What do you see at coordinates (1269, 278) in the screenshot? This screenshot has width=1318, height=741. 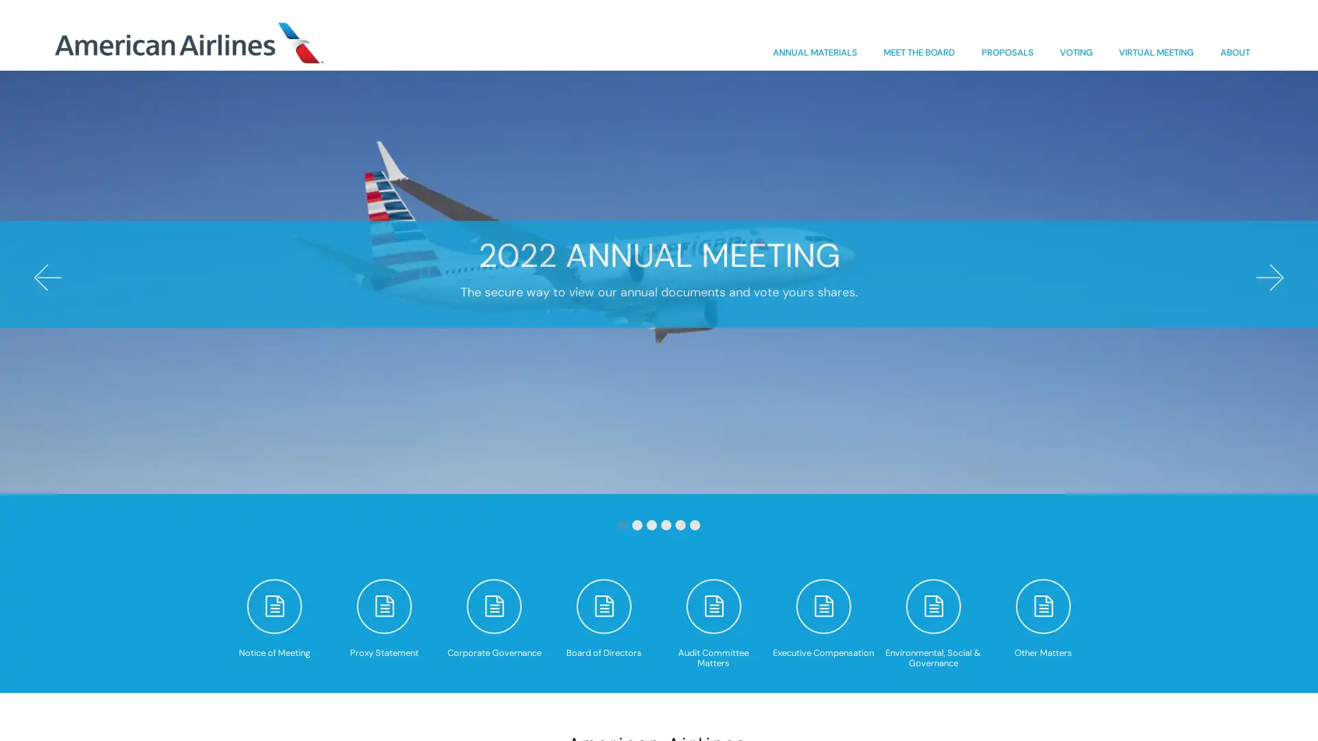 I see `Next` at bounding box center [1269, 278].